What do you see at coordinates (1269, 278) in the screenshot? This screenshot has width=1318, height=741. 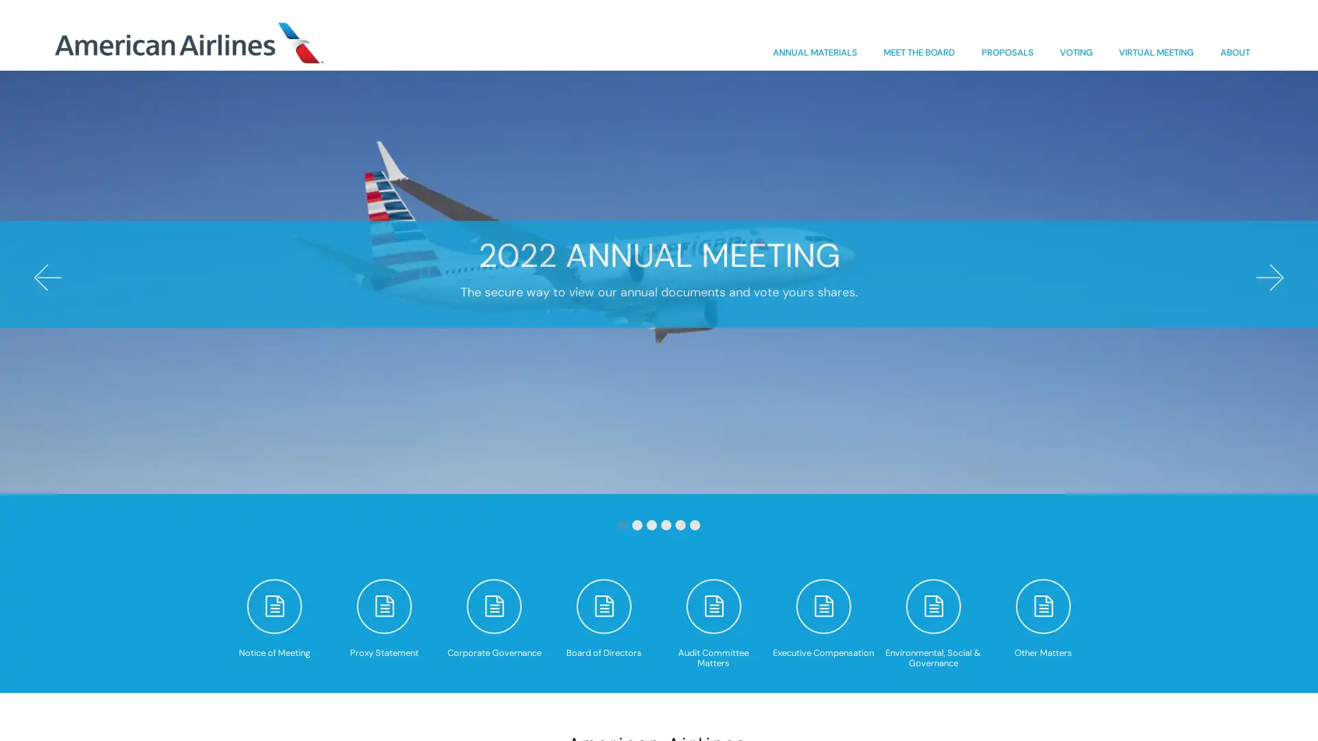 I see `Next` at bounding box center [1269, 278].